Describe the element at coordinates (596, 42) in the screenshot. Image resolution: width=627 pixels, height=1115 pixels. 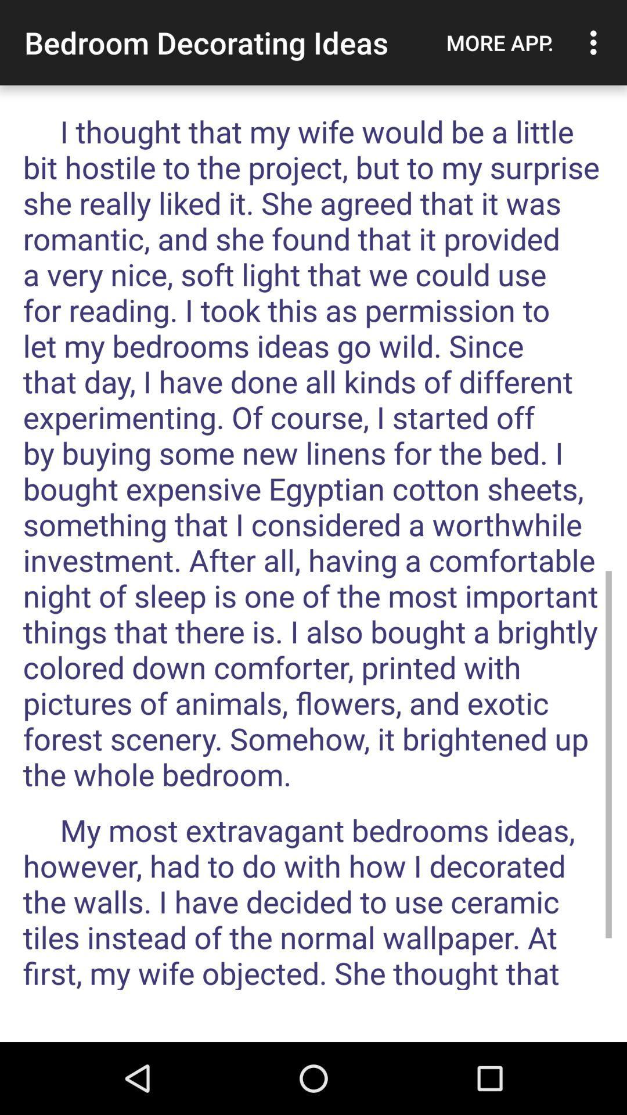
I see `the icon above the i thought that` at that location.